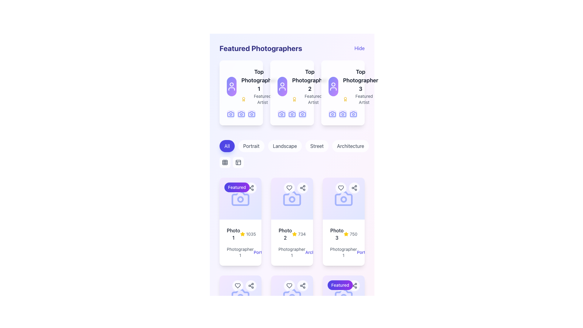  Describe the element at coordinates (333, 87) in the screenshot. I see `the circular user avatar with a gradient background in the 'Top Photographer 3' section` at that location.